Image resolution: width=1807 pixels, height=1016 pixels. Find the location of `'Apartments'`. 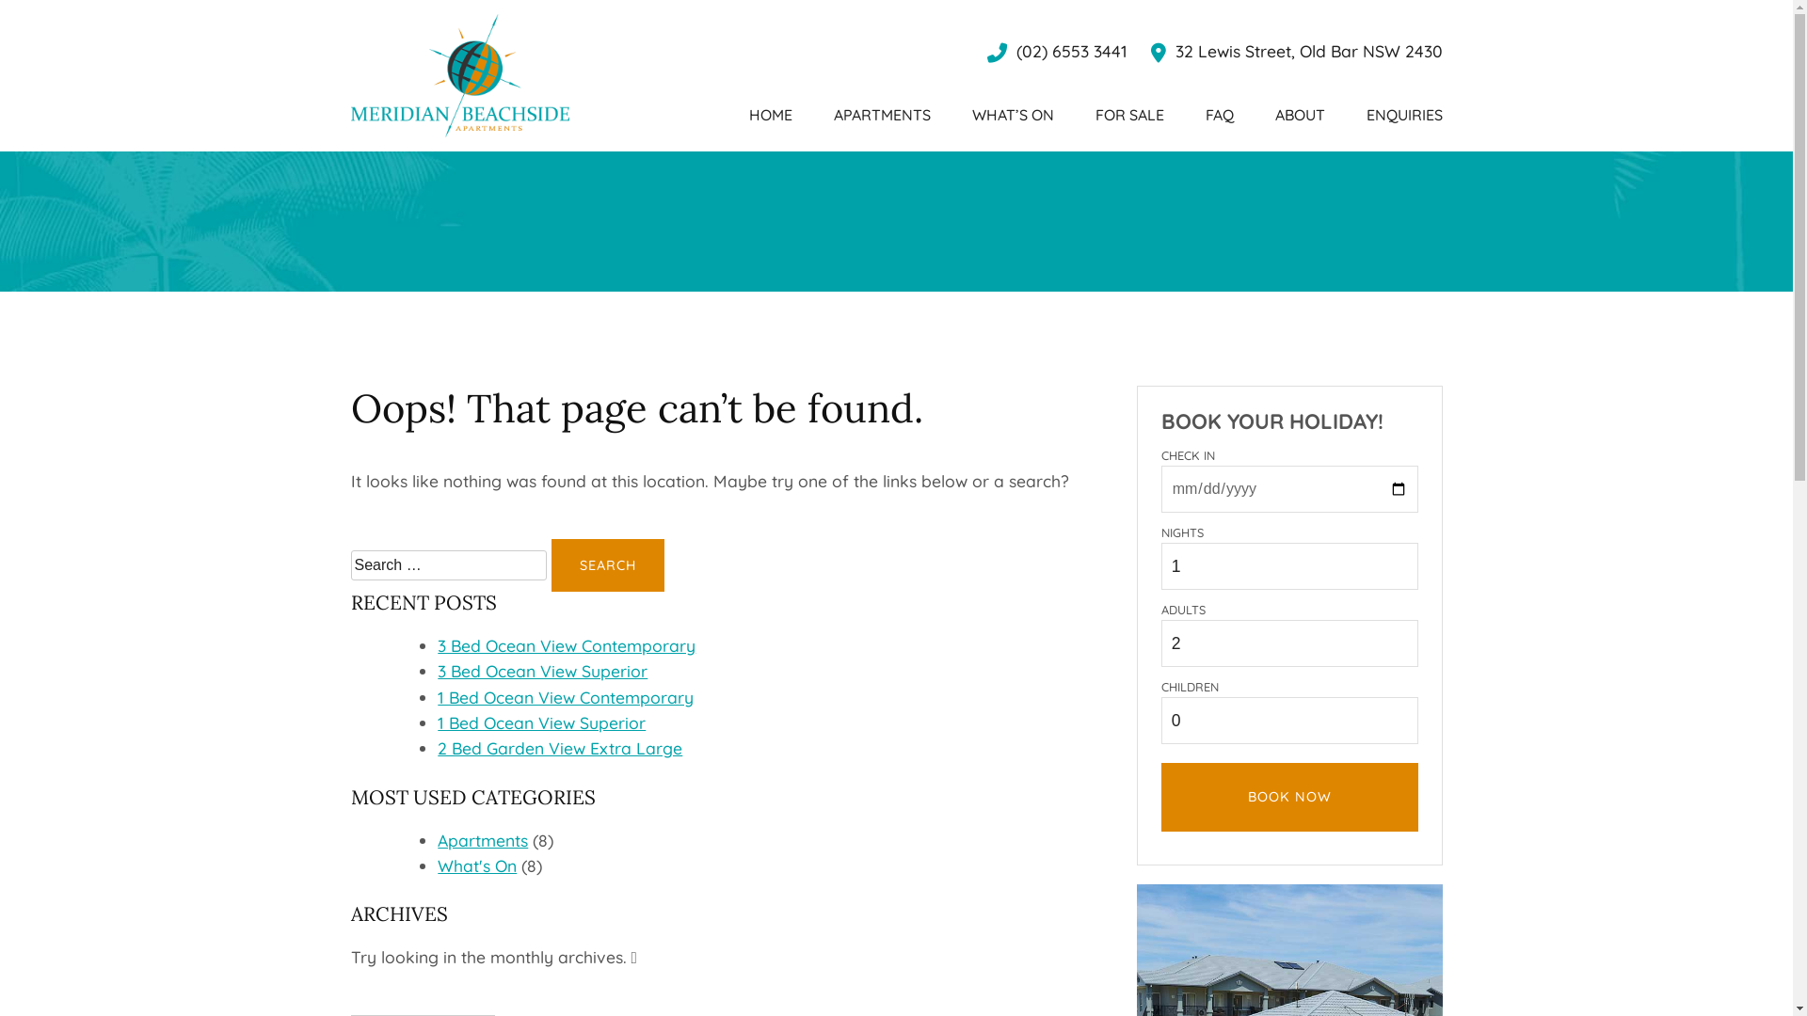

'Apartments' is located at coordinates (483, 839).